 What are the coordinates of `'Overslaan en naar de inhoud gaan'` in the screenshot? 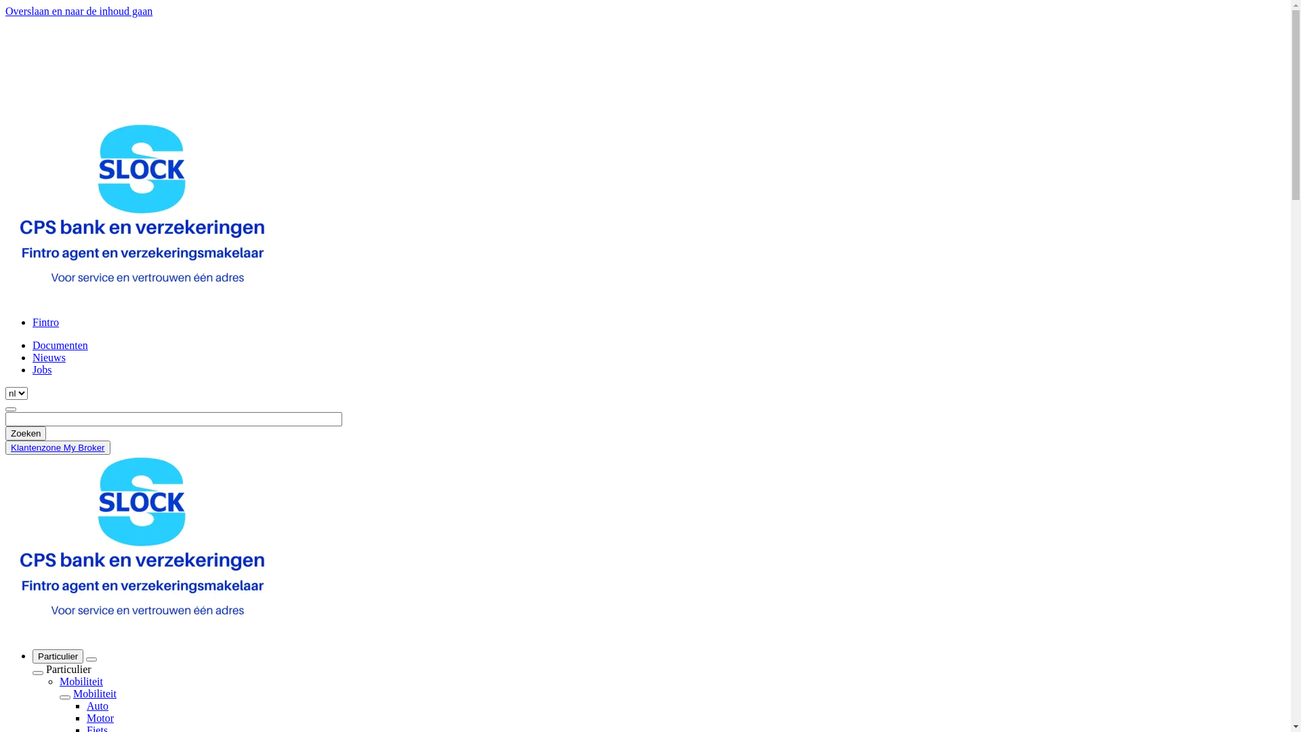 It's located at (5, 11).